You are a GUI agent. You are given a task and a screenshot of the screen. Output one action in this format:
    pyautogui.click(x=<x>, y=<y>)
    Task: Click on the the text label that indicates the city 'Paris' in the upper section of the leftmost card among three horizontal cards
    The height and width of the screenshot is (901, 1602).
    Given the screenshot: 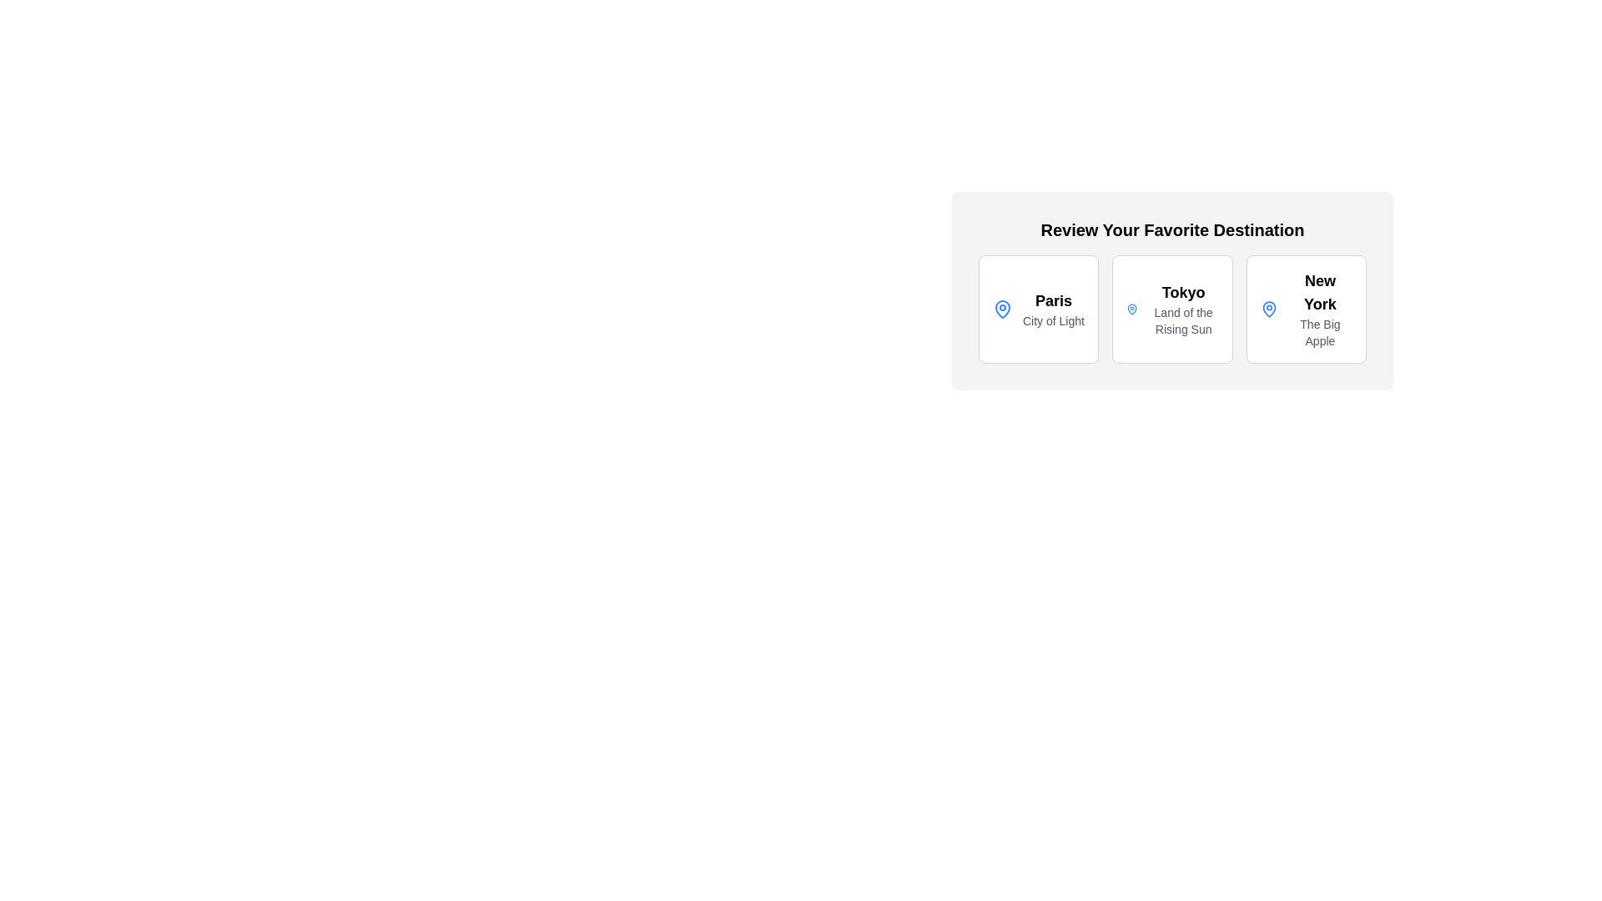 What is the action you would take?
    pyautogui.click(x=1052, y=301)
    